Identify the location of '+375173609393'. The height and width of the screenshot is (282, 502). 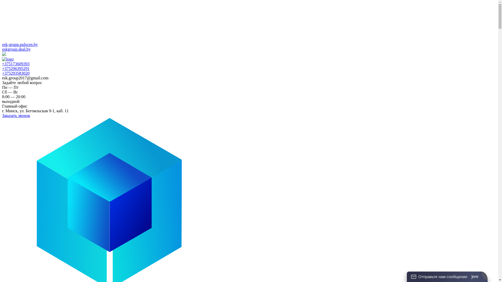
(16, 63).